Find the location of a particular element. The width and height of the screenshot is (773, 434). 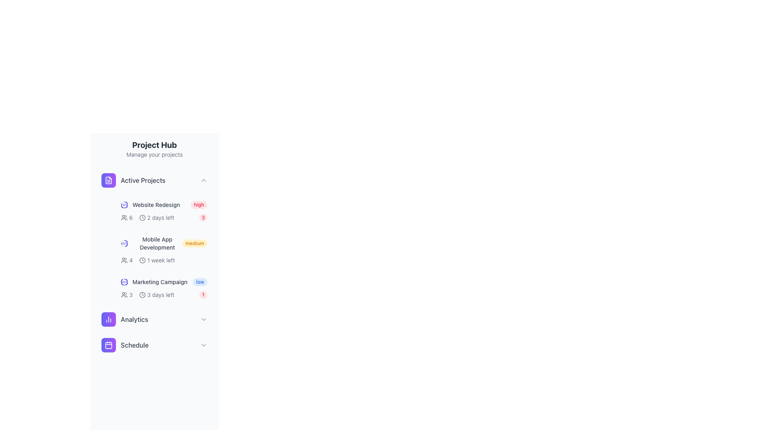

the circular outer part of the clock icon located in the third entry of the active projects list, beneath 'Mobile App Development' is located at coordinates (142, 295).